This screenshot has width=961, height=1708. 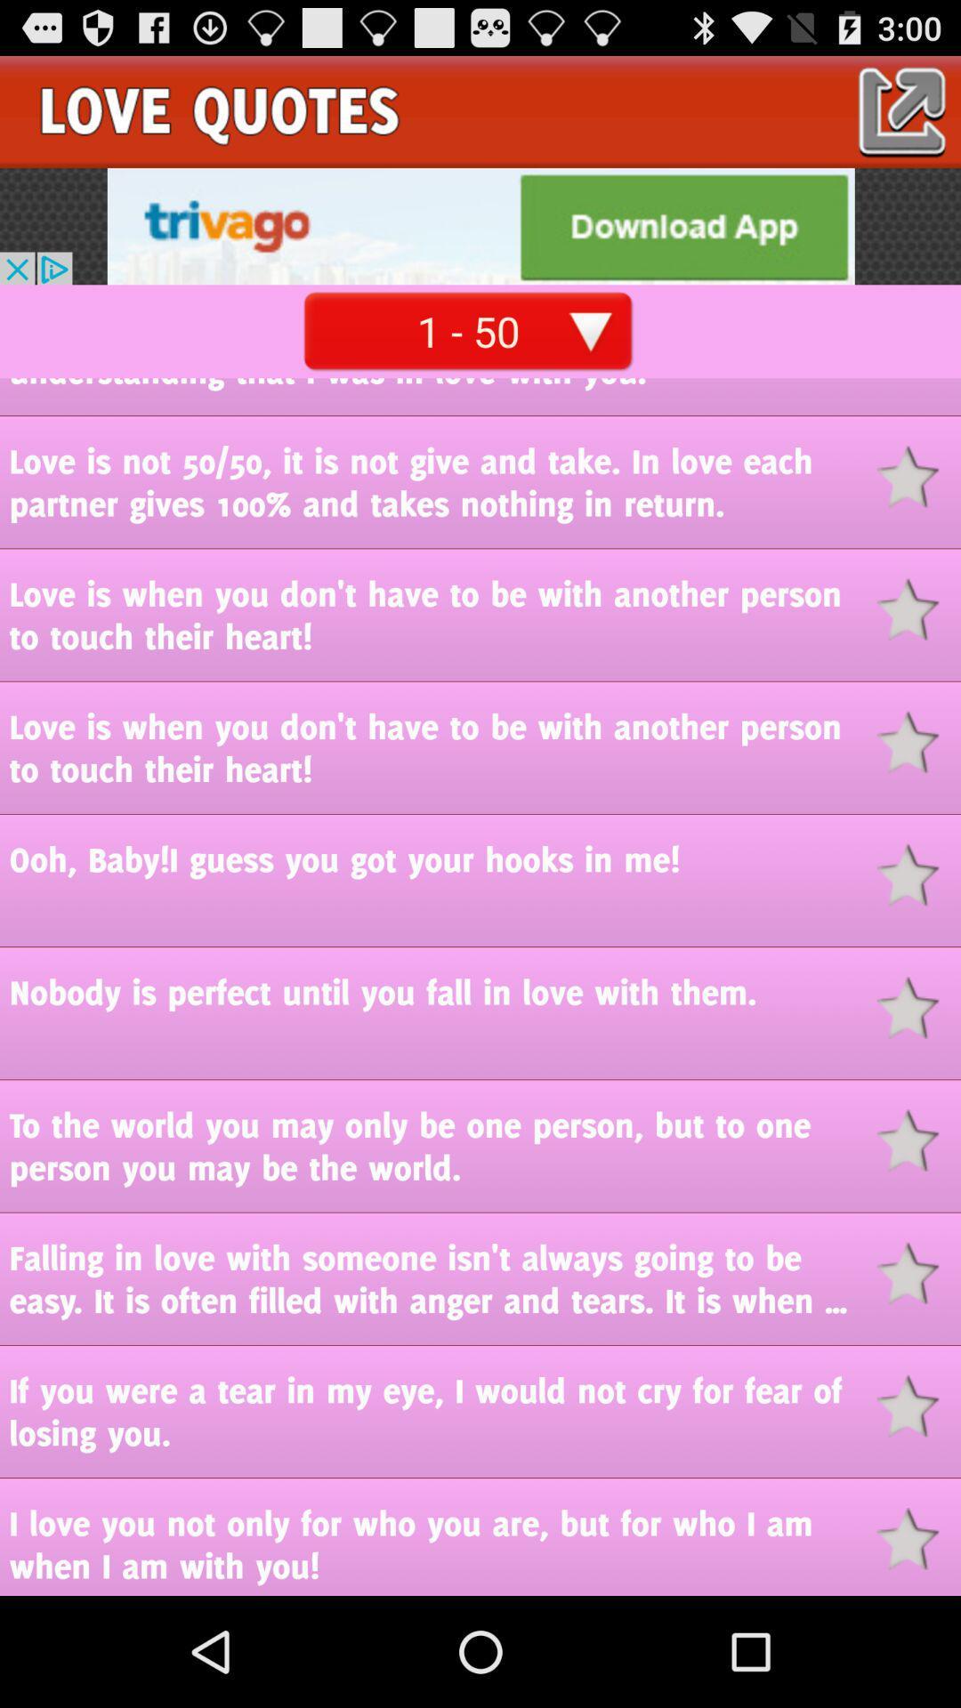 I want to click on mark as favorite, so click(x=918, y=609).